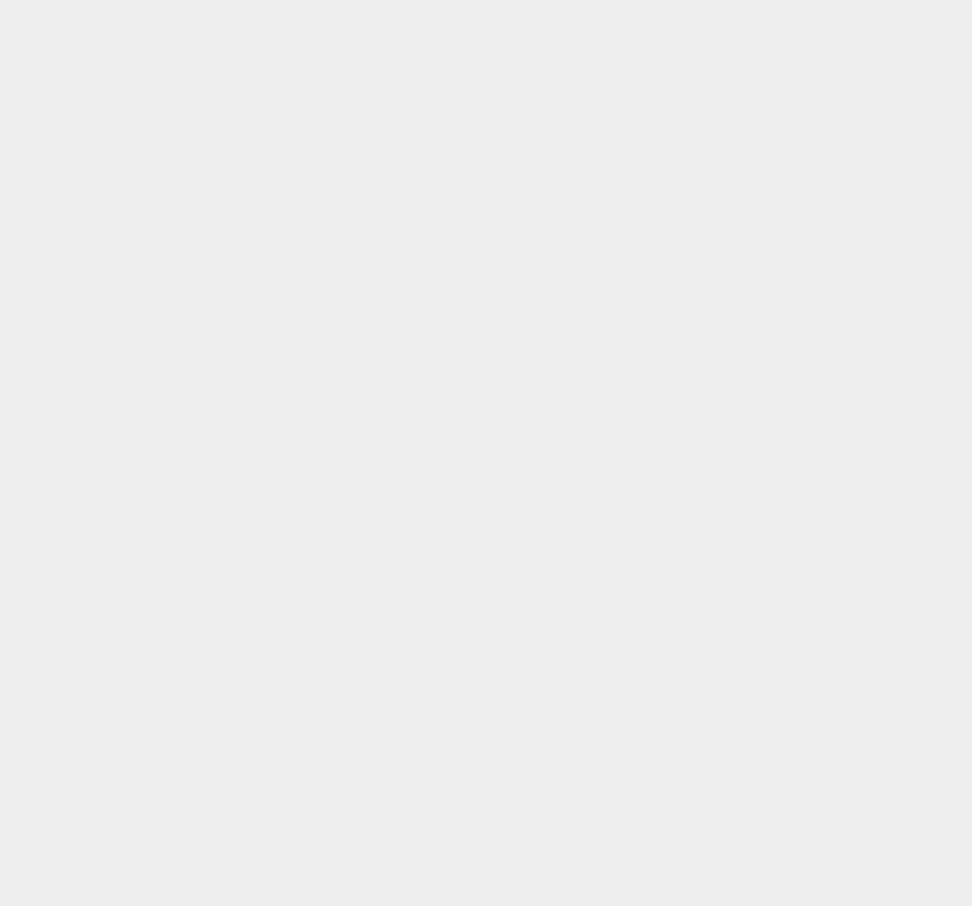 The width and height of the screenshot is (972, 906). Describe the element at coordinates (713, 579) in the screenshot. I see `'Wearables'` at that location.